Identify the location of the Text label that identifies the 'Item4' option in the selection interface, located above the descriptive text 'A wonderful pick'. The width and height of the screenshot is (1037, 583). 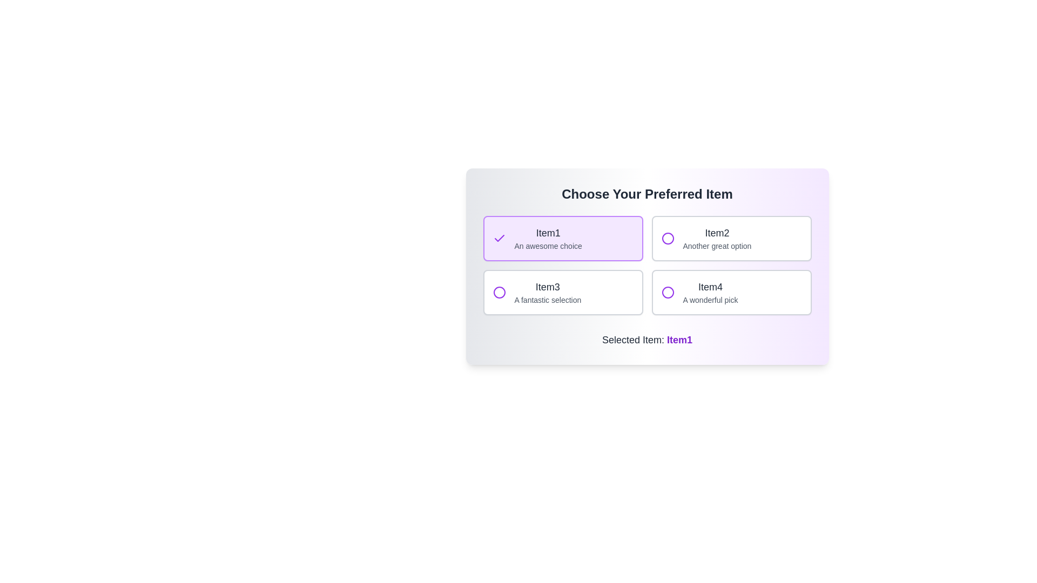
(710, 287).